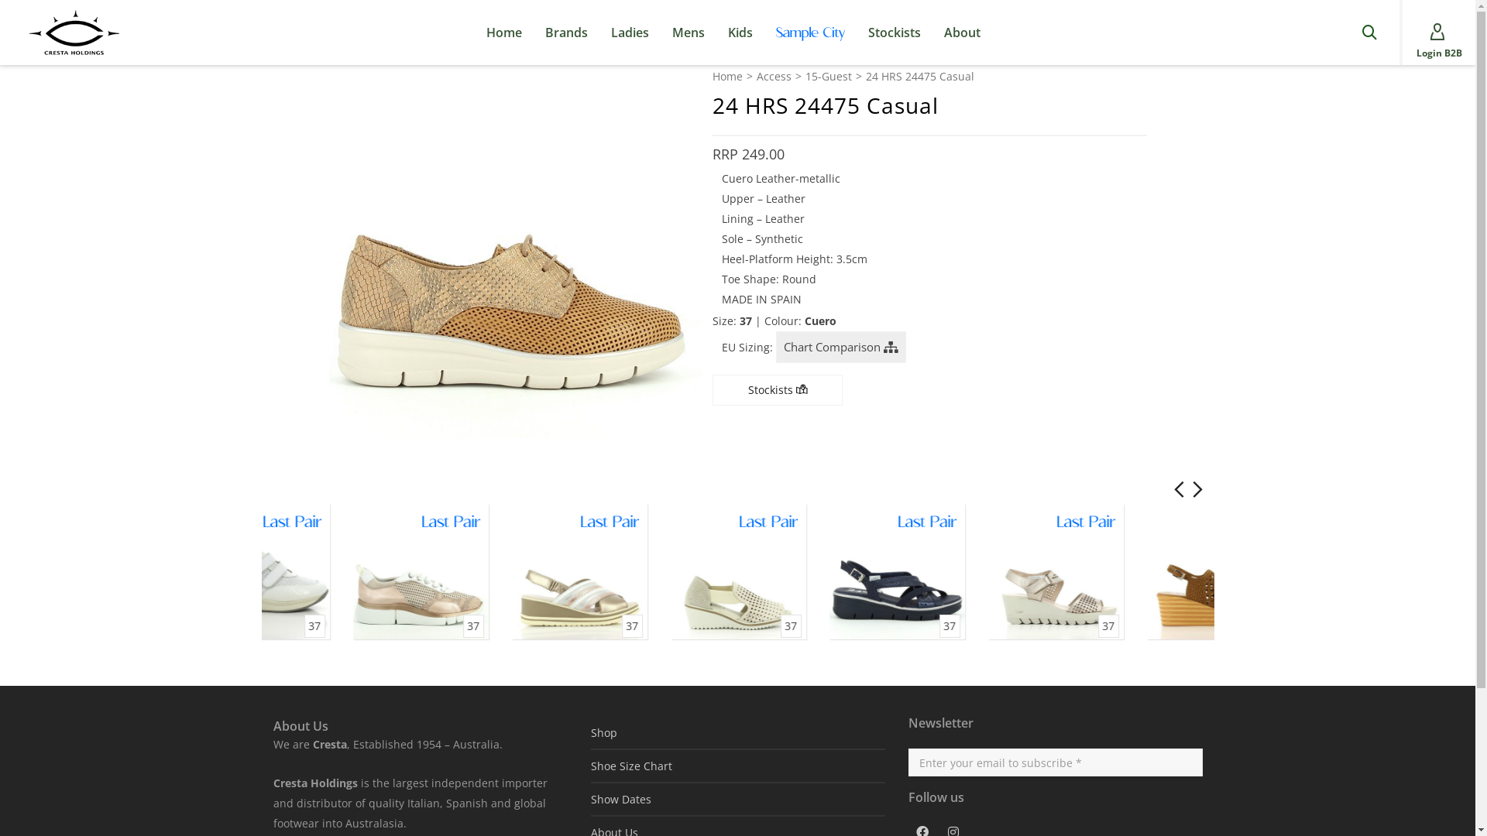  What do you see at coordinates (565, 33) in the screenshot?
I see `'Brands'` at bounding box center [565, 33].